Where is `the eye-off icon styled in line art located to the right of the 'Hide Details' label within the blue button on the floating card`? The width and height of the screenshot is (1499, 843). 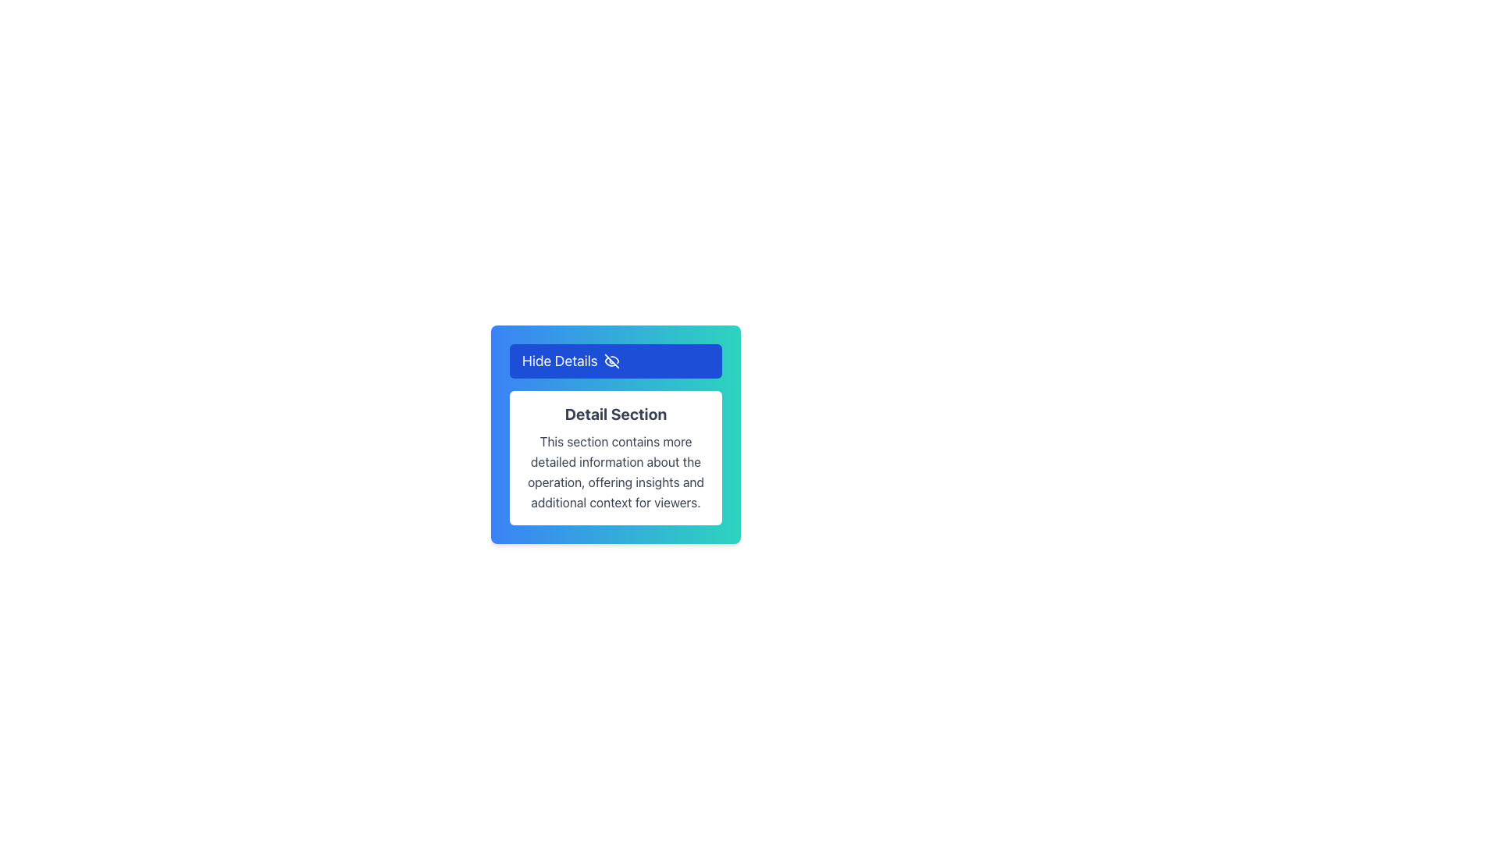 the eye-off icon styled in line art located to the right of the 'Hide Details' label within the blue button on the floating card is located at coordinates (611, 361).